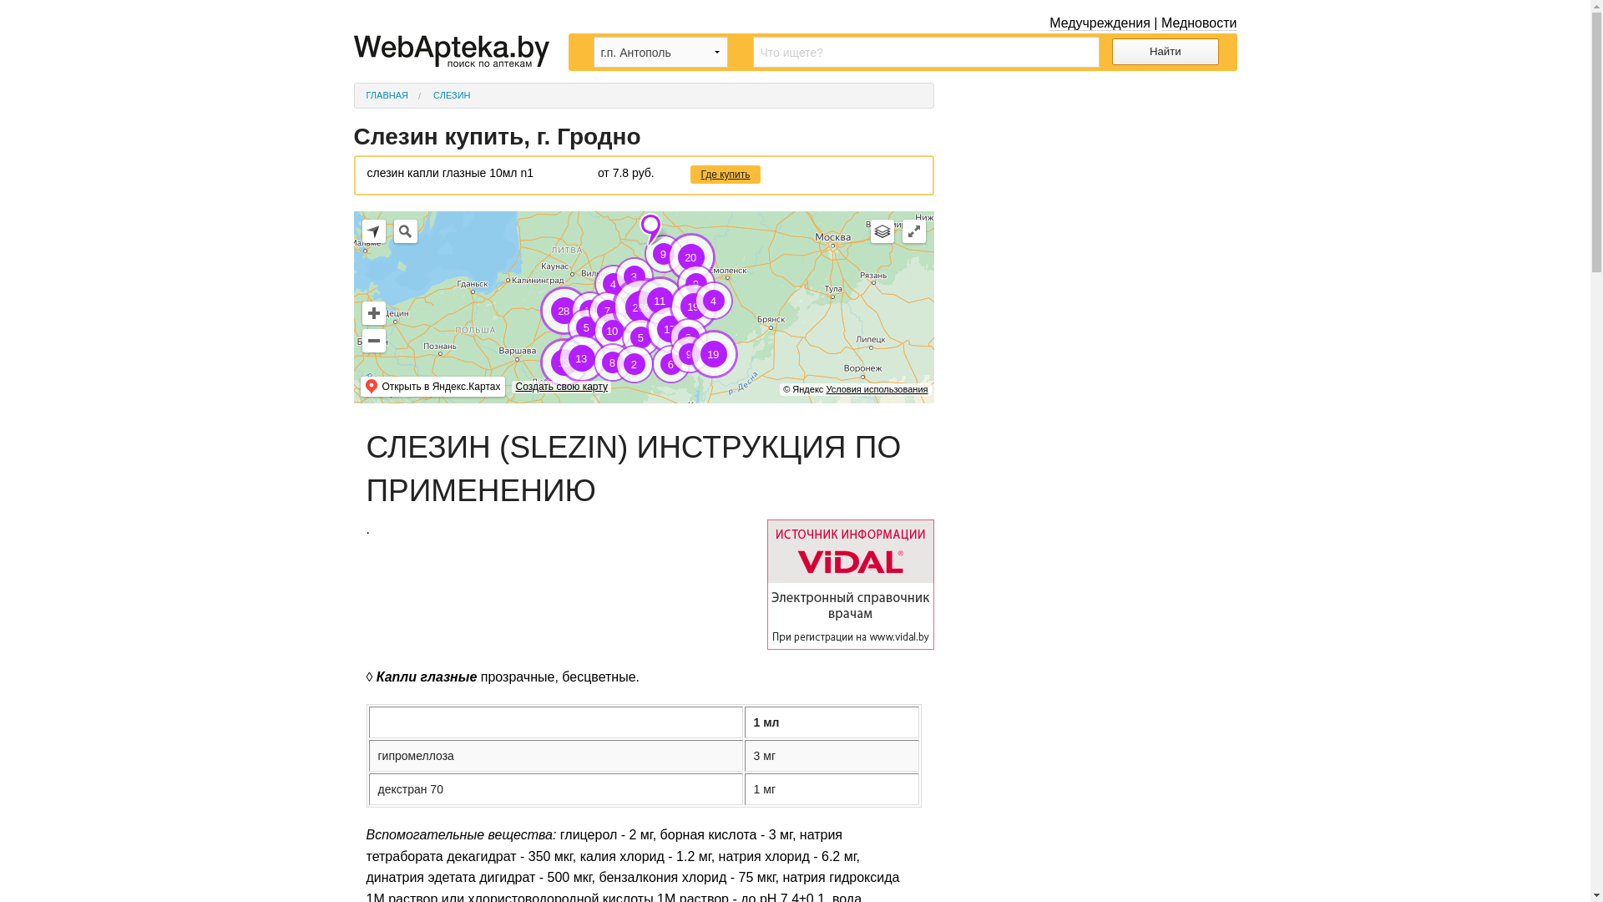 Image resolution: width=1603 pixels, height=902 pixels. Describe the element at coordinates (1098, 186) in the screenshot. I see `'Advertisement'` at that location.